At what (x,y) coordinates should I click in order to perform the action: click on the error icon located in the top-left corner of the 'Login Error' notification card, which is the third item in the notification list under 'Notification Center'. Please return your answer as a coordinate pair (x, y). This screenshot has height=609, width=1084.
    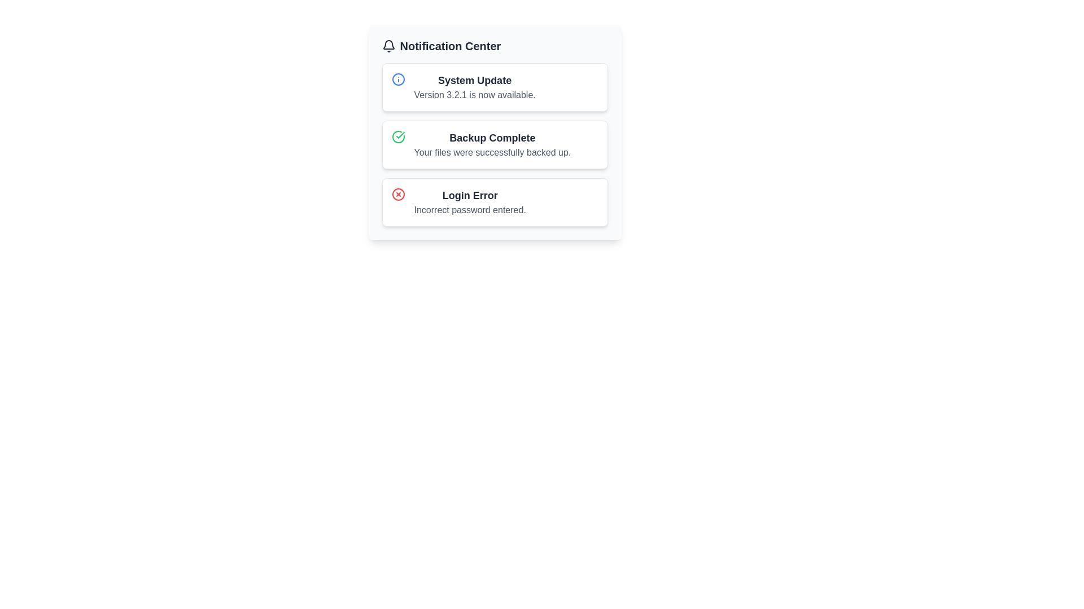
    Looking at the image, I should click on (398, 201).